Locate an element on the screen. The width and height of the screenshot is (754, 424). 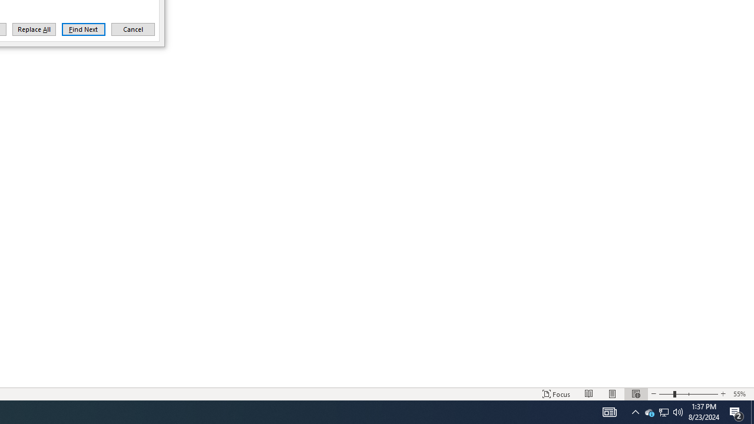
'Read Mode' is located at coordinates (589, 394).